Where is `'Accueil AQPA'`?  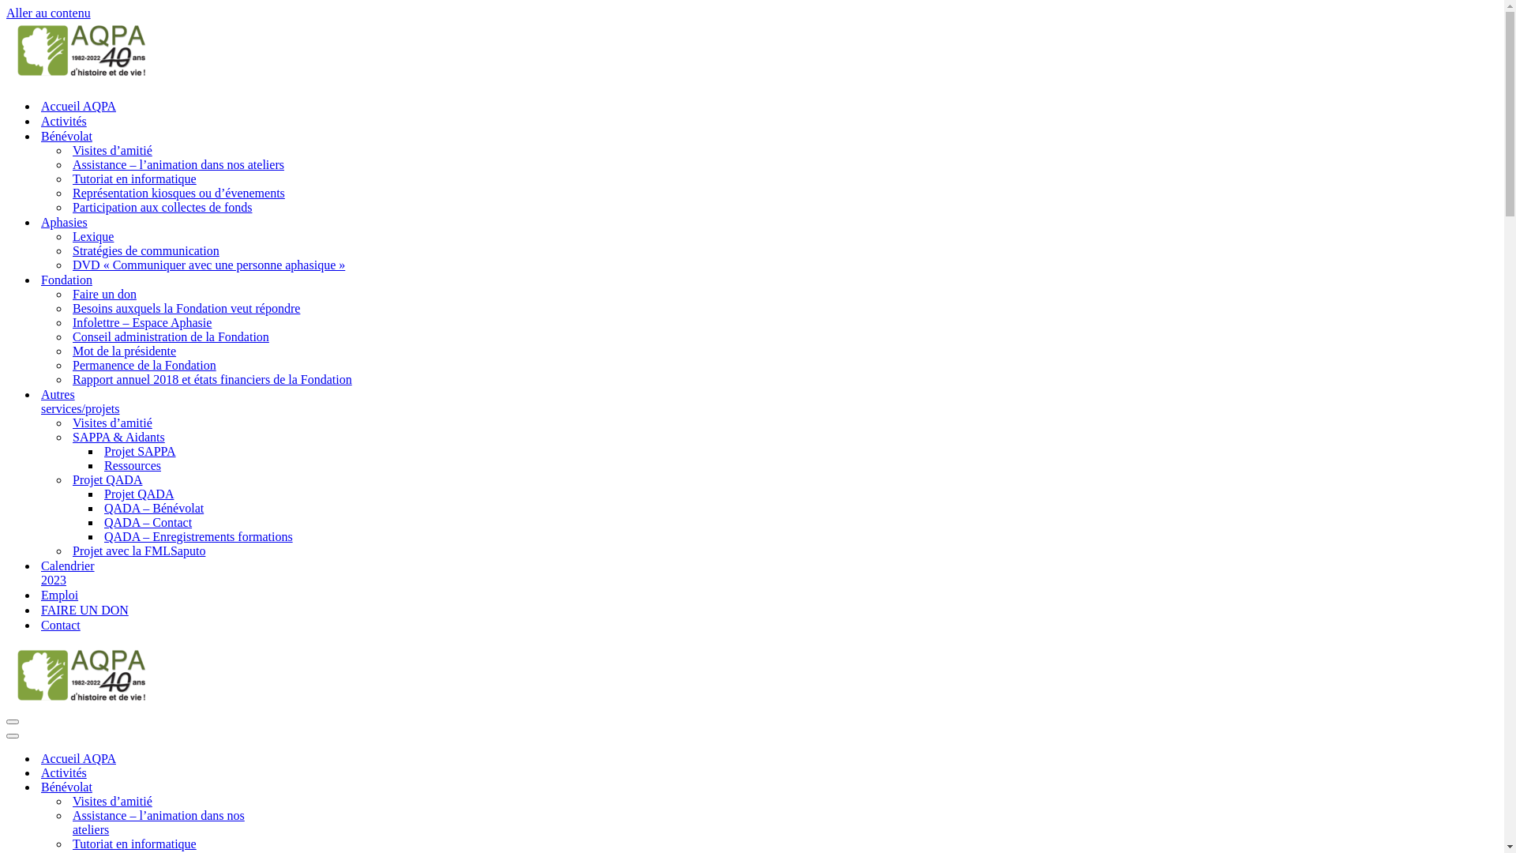 'Accueil AQPA' is located at coordinates (41, 106).